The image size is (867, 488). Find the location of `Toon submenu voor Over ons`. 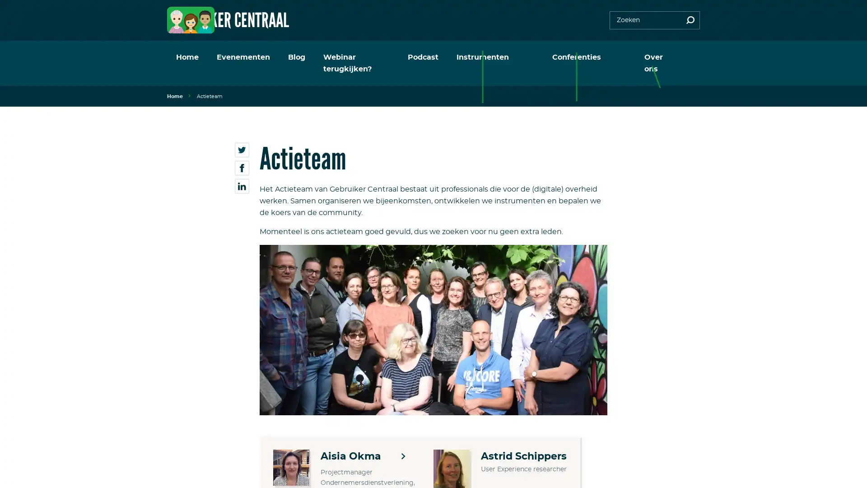

Toon submenu voor Over ons is located at coordinates (682, 57).